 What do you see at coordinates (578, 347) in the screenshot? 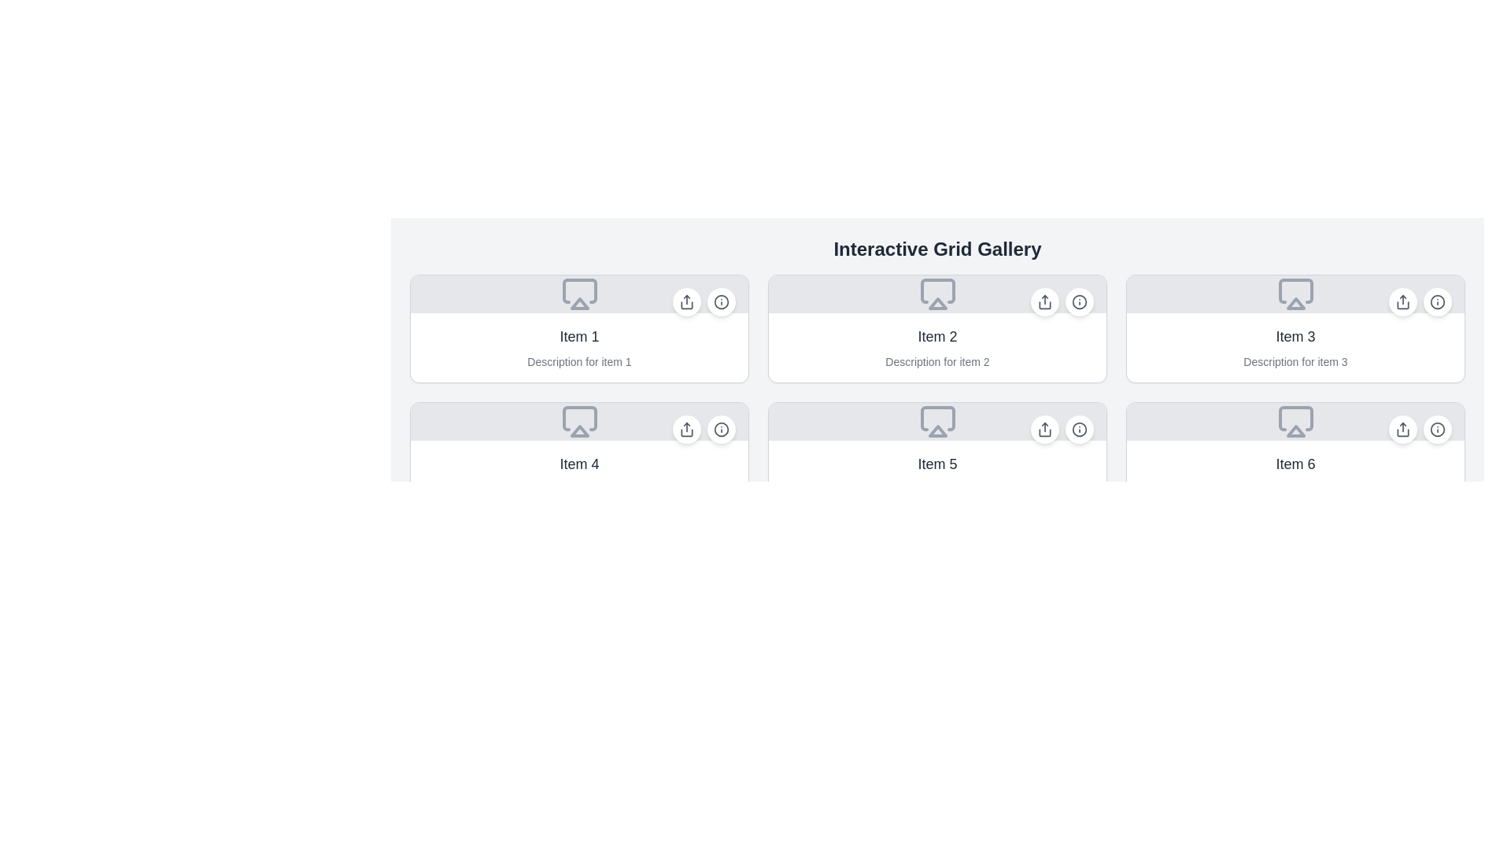
I see `the static informational text block located in the top-left quadrant of the grid layout, which displays information about an item` at bounding box center [578, 347].